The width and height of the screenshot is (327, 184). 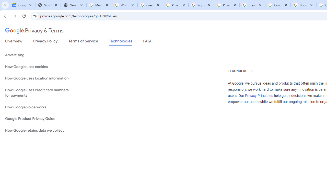 I want to click on 'How Google Voice works', so click(x=39, y=107).